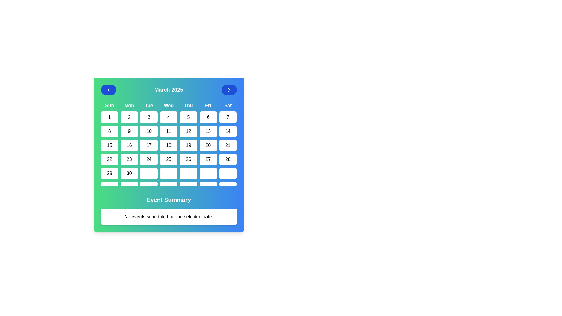 This screenshot has height=316, width=562. I want to click on the left chevron icon button in the calendar header, so click(108, 90).